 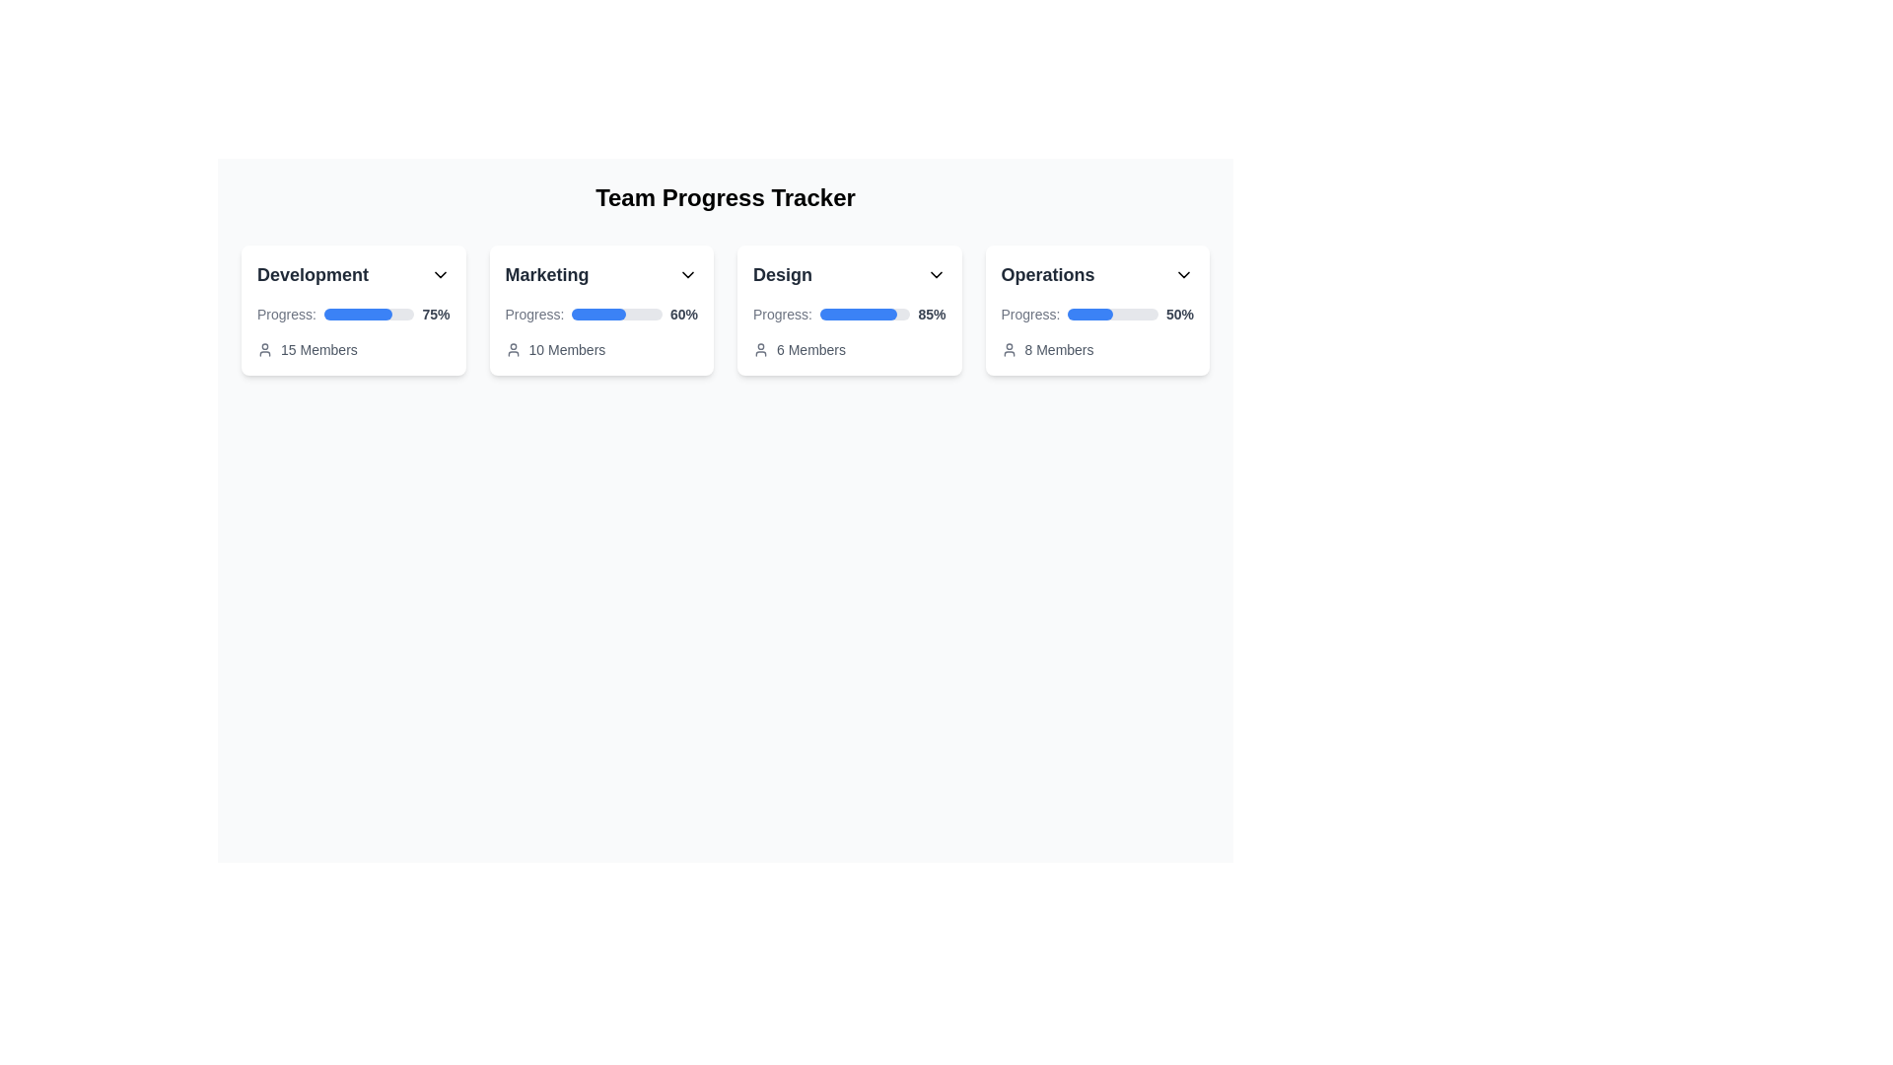 I want to click on the blue progress bar located within the 'Design' card, which indicates 85% progress and is centered within a gray progress bar, so click(x=858, y=314).